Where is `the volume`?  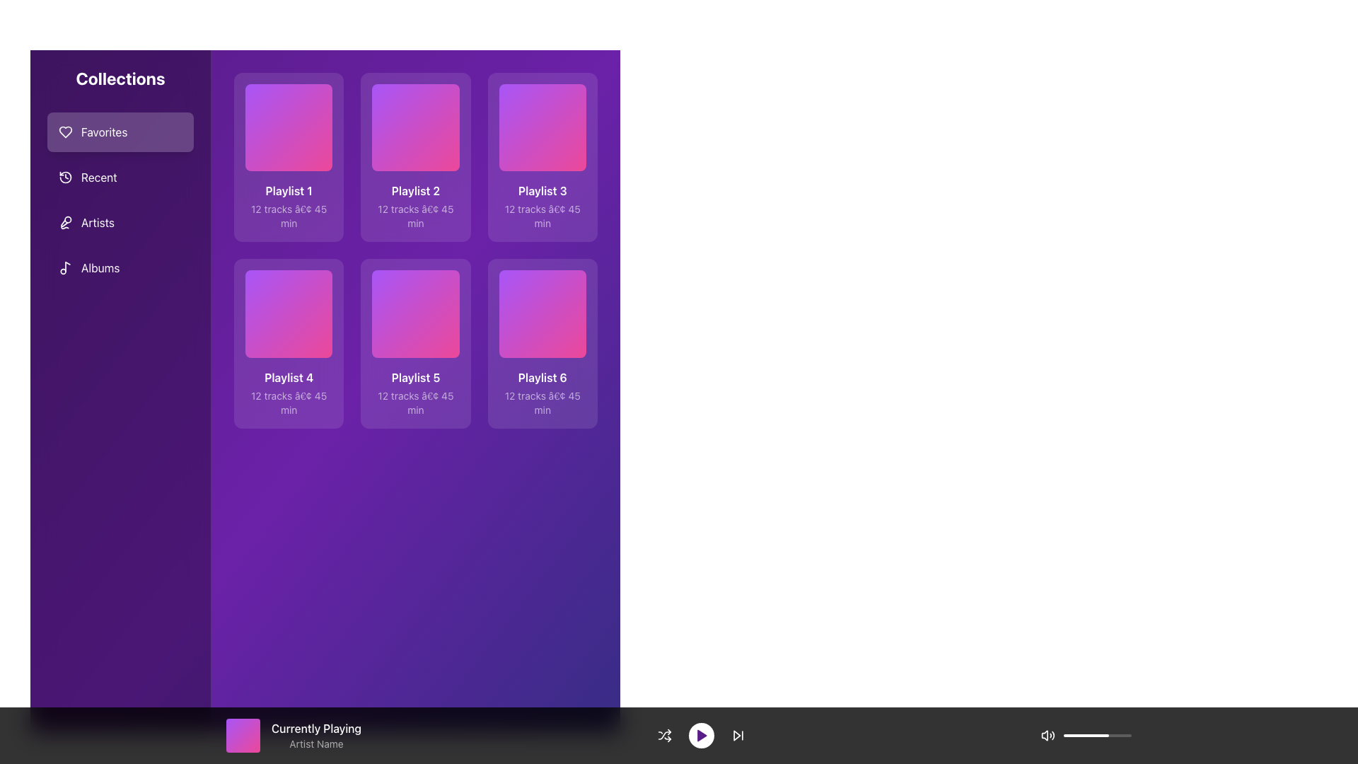
the volume is located at coordinates (1117, 735).